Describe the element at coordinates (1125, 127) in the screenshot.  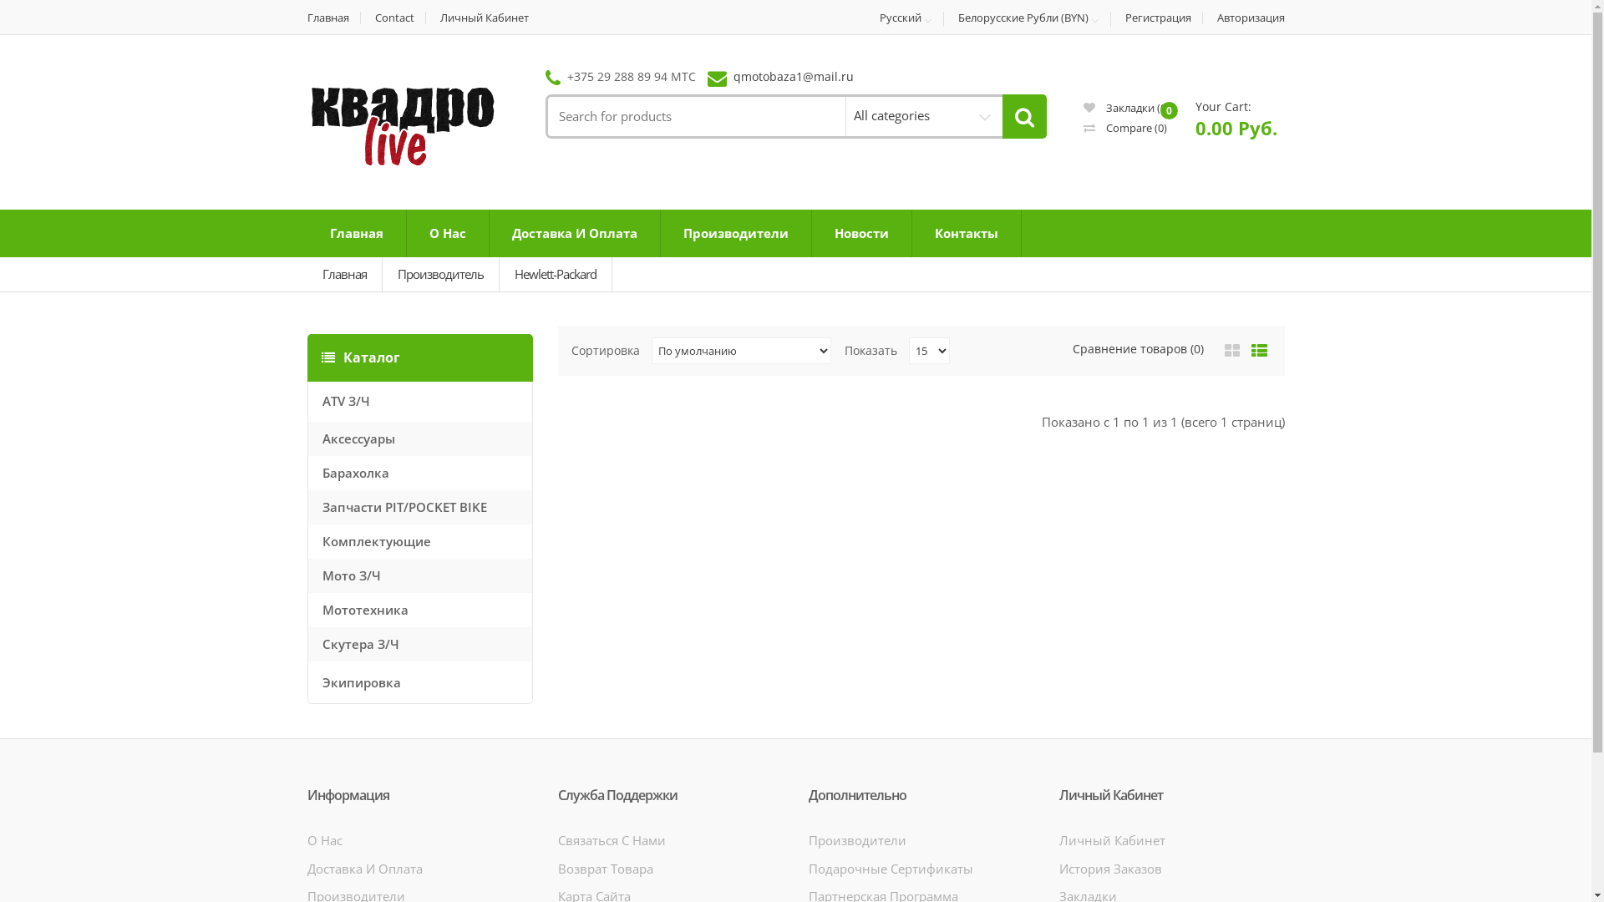
I see `'Compare (0)'` at that location.